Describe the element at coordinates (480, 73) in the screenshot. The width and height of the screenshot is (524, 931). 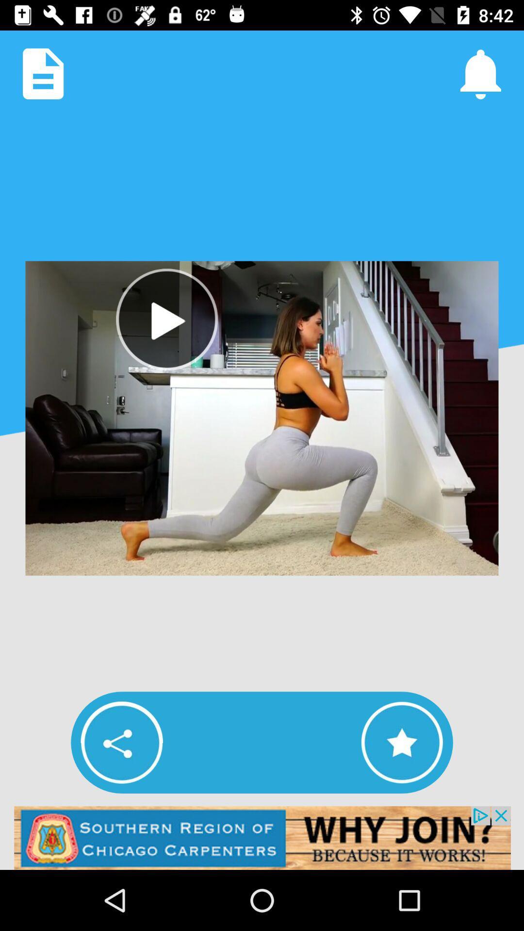
I see `set alarm` at that location.